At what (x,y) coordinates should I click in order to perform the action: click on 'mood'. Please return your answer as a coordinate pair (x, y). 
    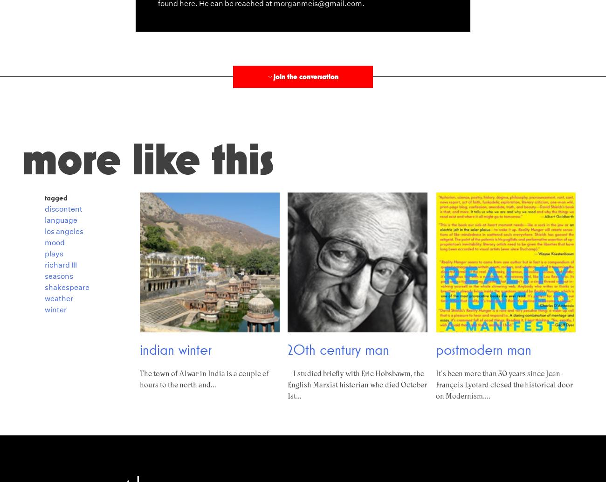
    Looking at the image, I should click on (54, 242).